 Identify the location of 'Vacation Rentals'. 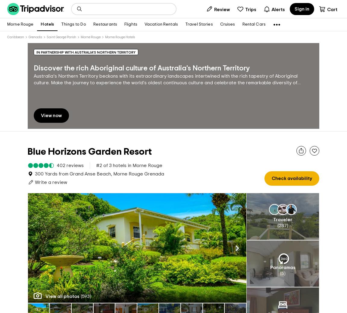
(144, 24).